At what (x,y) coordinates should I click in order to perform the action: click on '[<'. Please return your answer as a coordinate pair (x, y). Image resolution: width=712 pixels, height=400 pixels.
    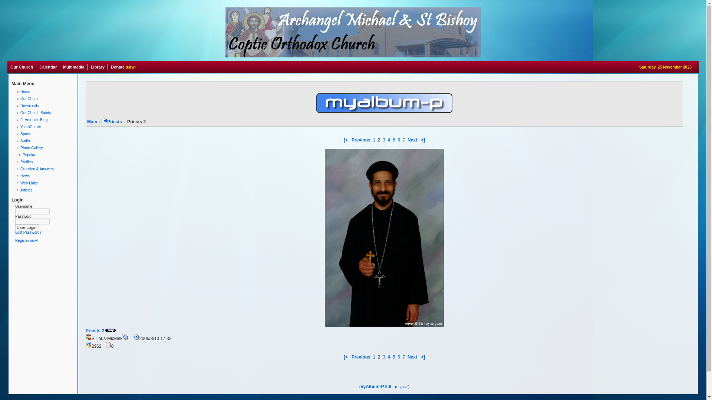
    Looking at the image, I should click on (343, 140).